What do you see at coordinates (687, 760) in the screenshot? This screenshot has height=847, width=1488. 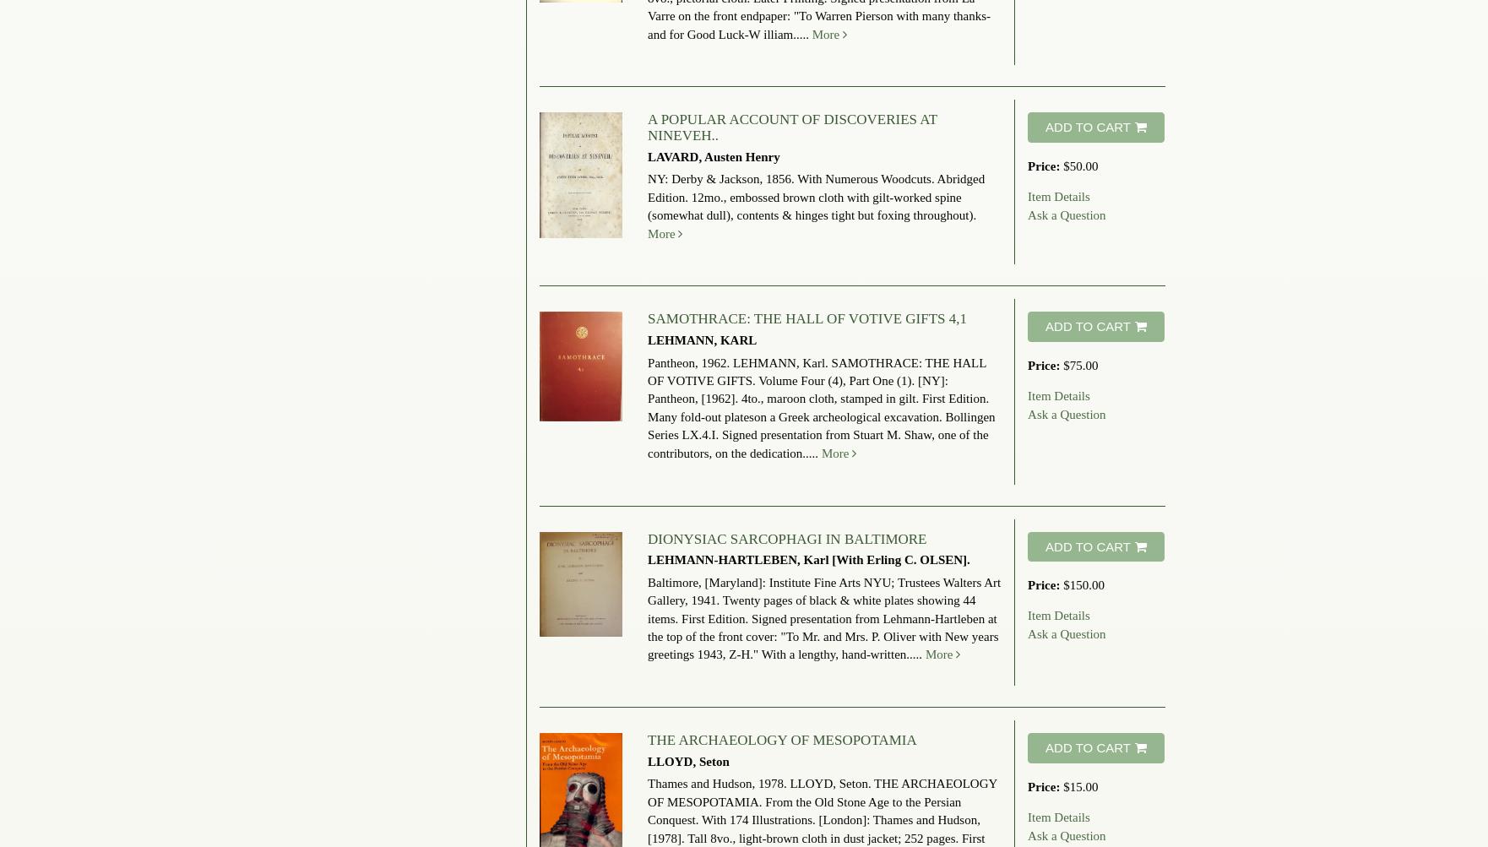 I see `'LLOYD, Seton'` at bounding box center [687, 760].